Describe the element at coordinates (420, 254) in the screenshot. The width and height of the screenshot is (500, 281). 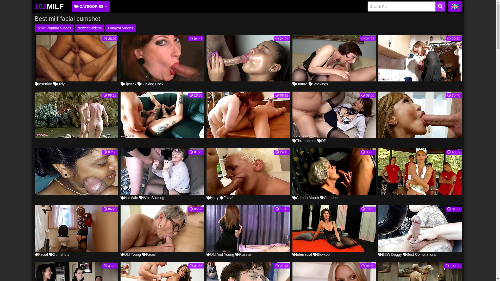
I see `'Best Compilations'` at that location.